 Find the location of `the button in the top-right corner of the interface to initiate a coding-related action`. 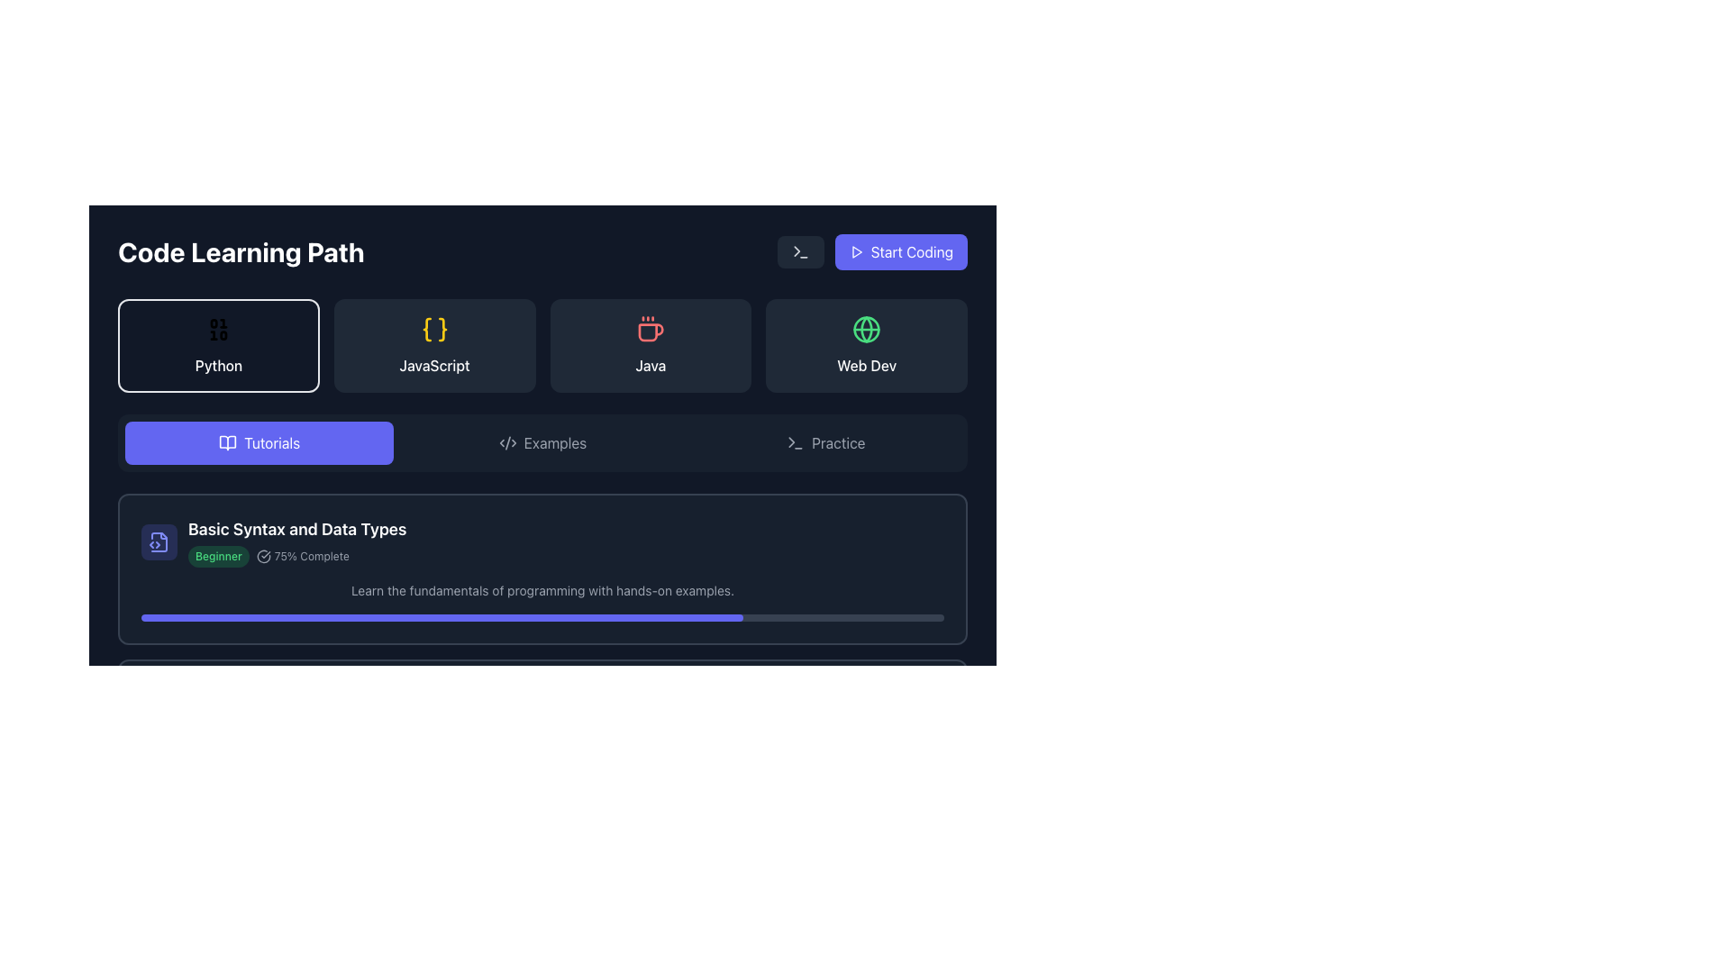

the button in the top-right corner of the interface to initiate a coding-related action is located at coordinates (900, 252).